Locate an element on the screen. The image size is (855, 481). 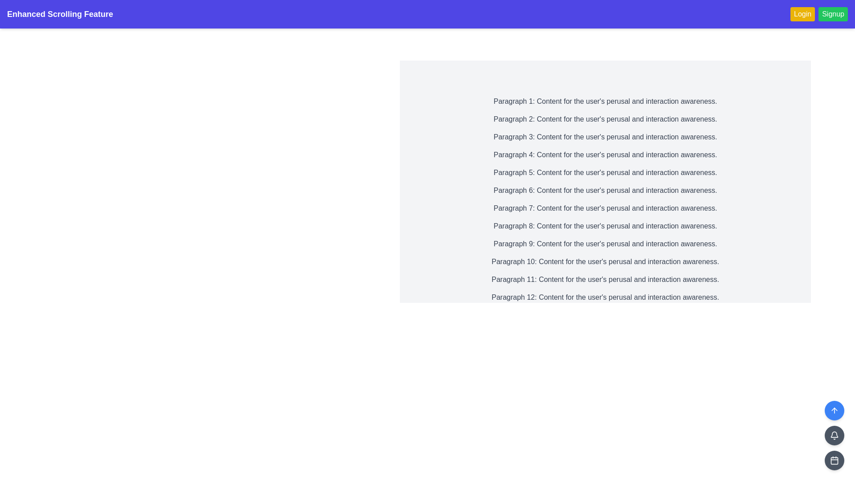
the text label that contains 'Paragraph 5: Content for the user's perusal and interaction awareness.', which is styled in gray text and is the fifth paragraph in a vertically-stacked list is located at coordinates (605, 173).